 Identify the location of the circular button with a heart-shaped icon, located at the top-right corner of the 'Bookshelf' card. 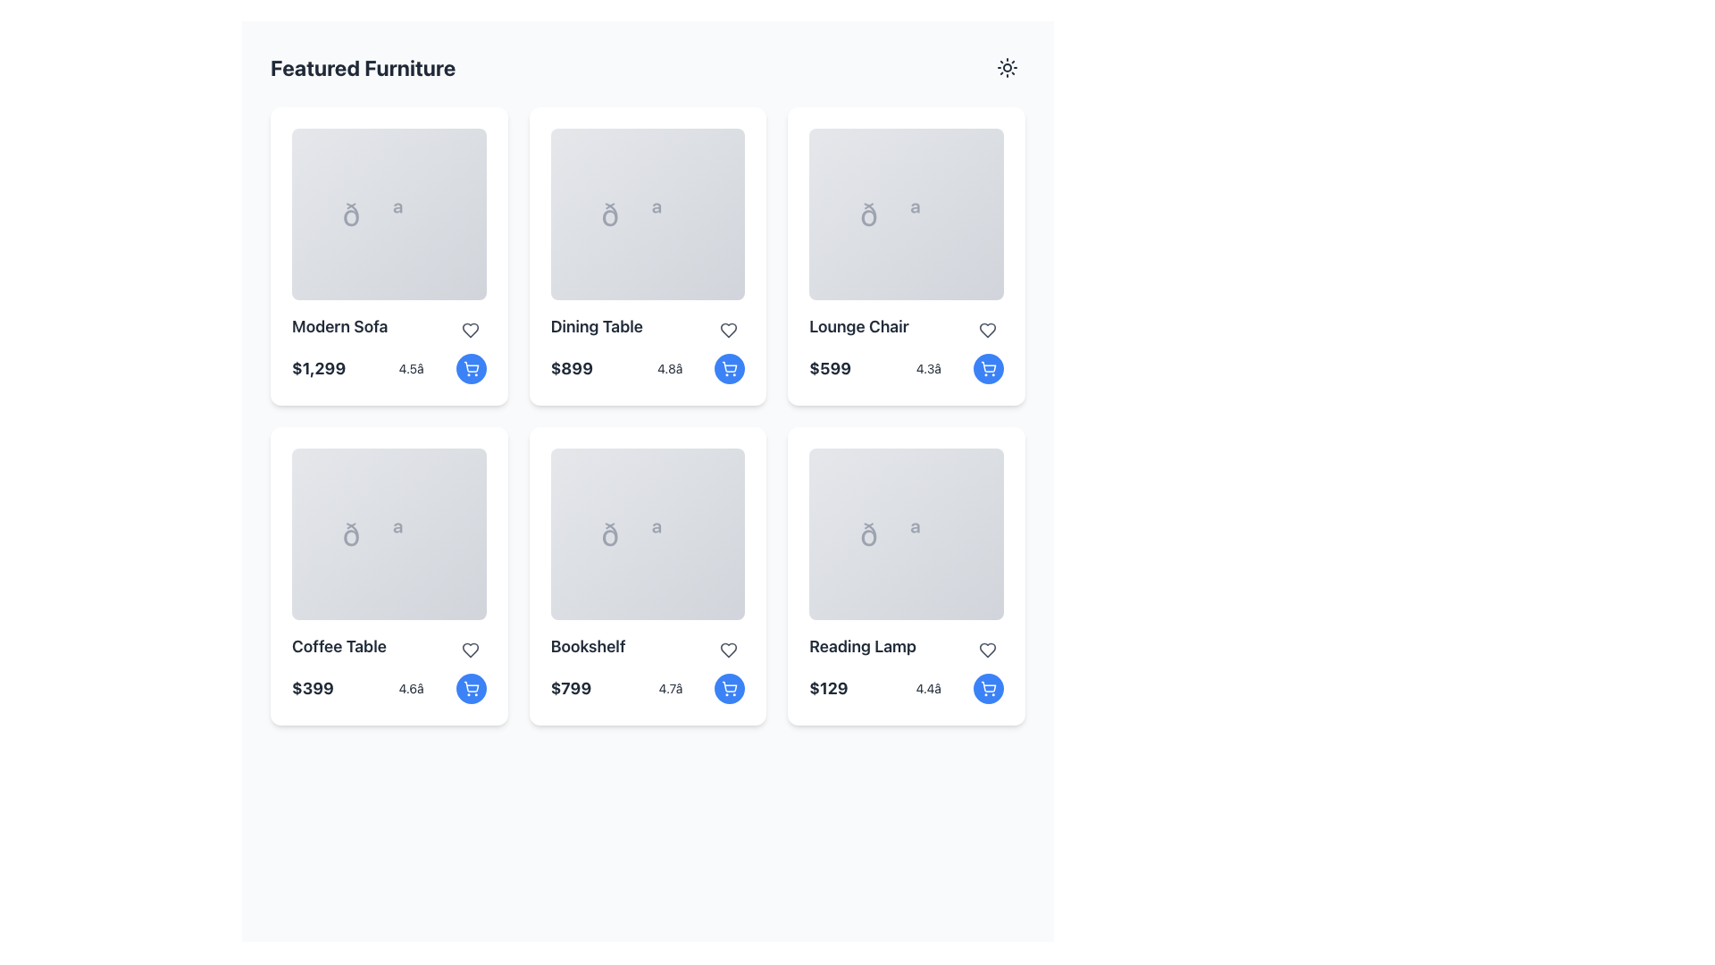
(729, 650).